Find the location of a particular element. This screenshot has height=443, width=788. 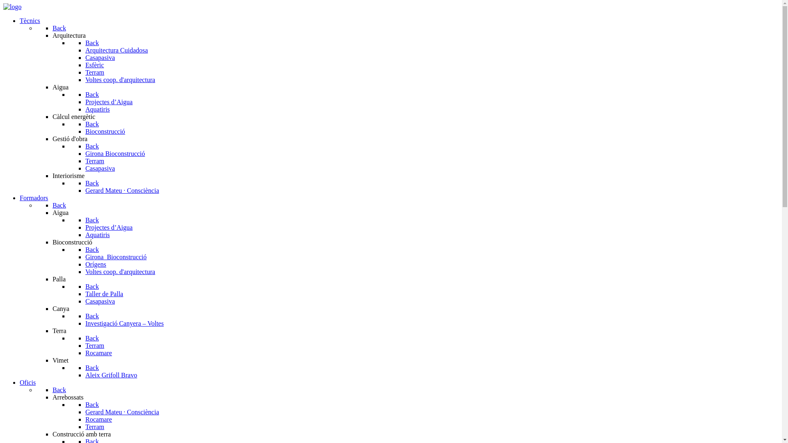

'Voltes coop. d'arquitectura' is located at coordinates (119, 80).